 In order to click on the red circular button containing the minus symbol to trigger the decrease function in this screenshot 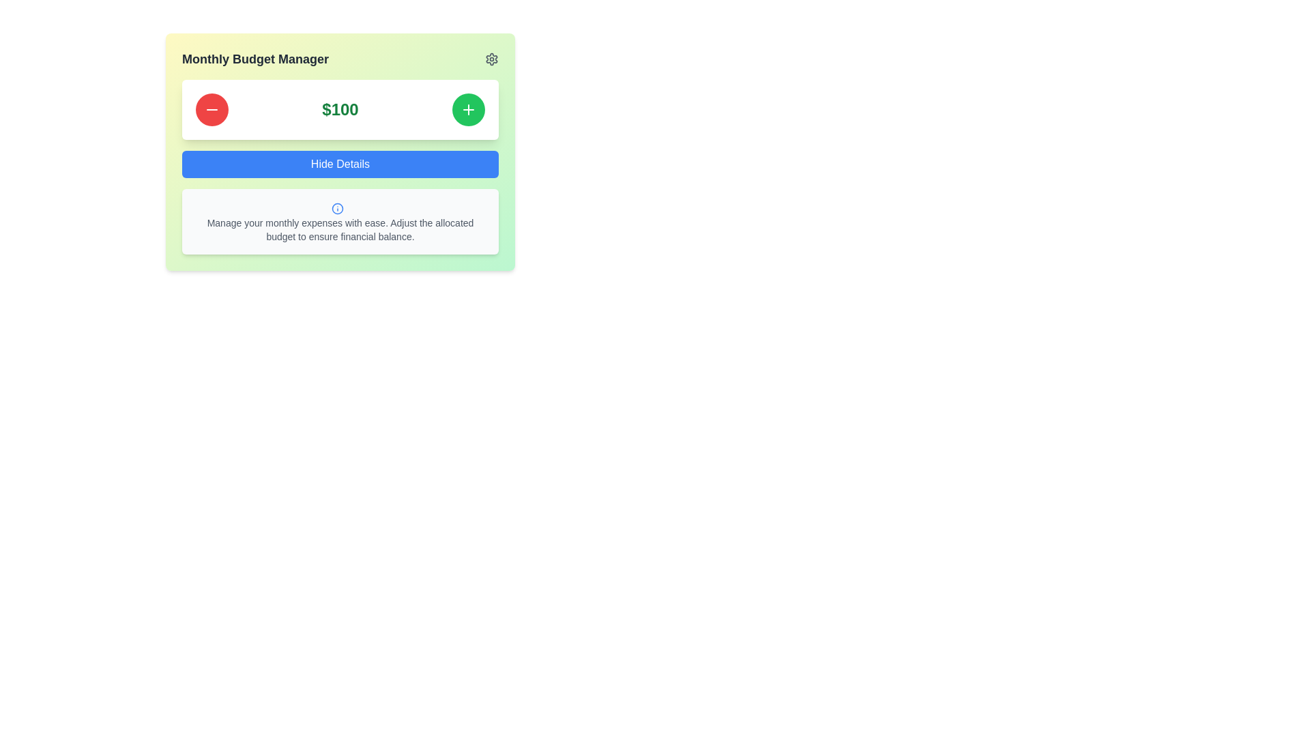, I will do `click(212, 109)`.